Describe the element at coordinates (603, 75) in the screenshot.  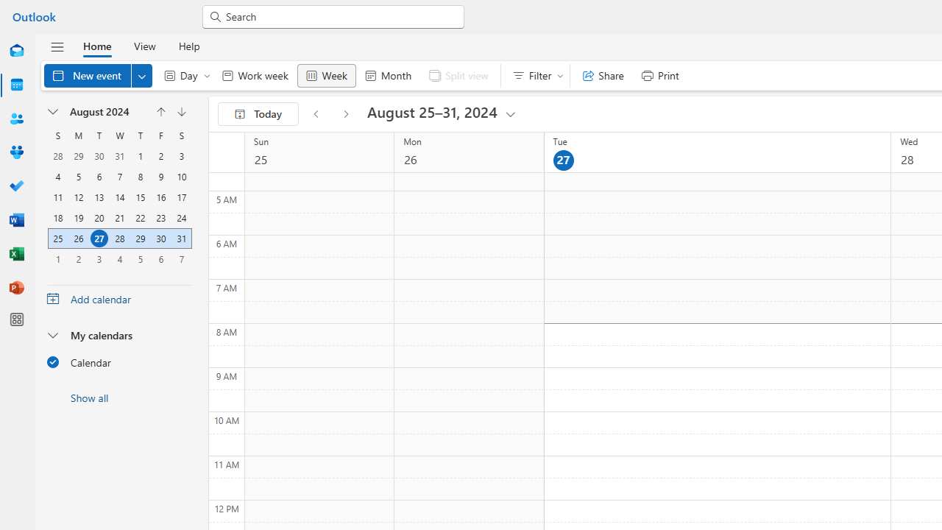
I see `'Share'` at that location.